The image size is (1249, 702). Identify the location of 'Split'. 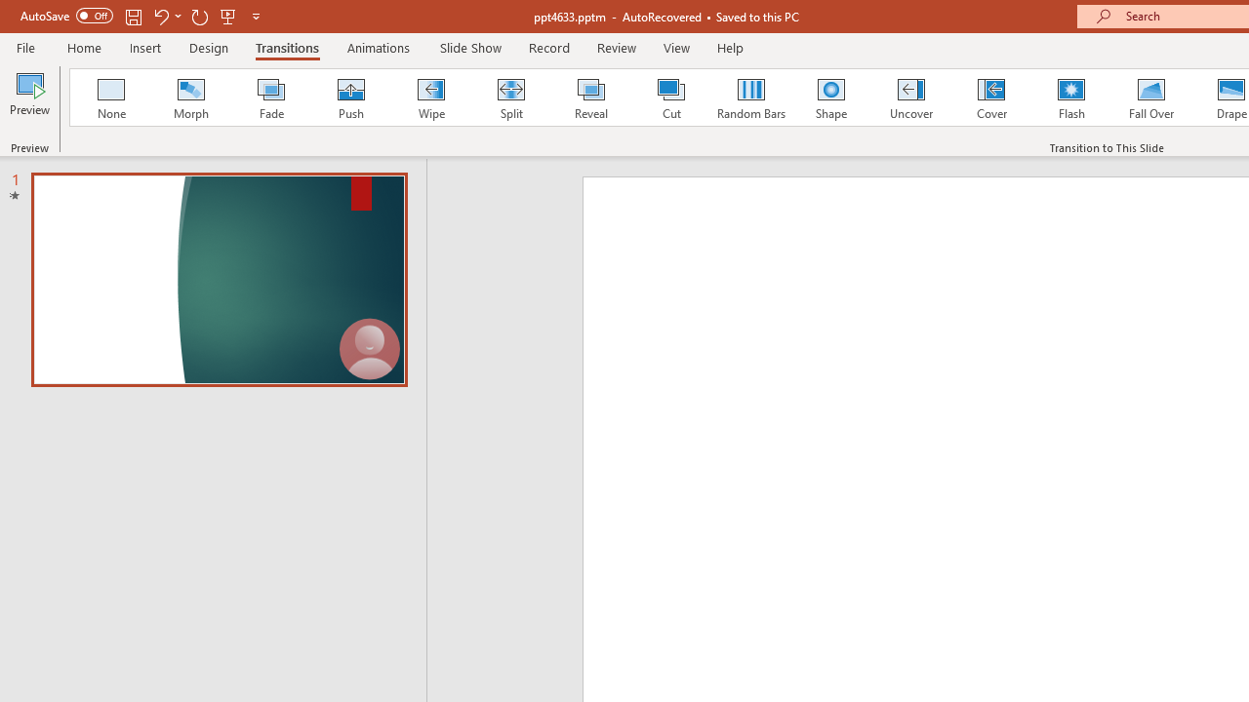
(510, 97).